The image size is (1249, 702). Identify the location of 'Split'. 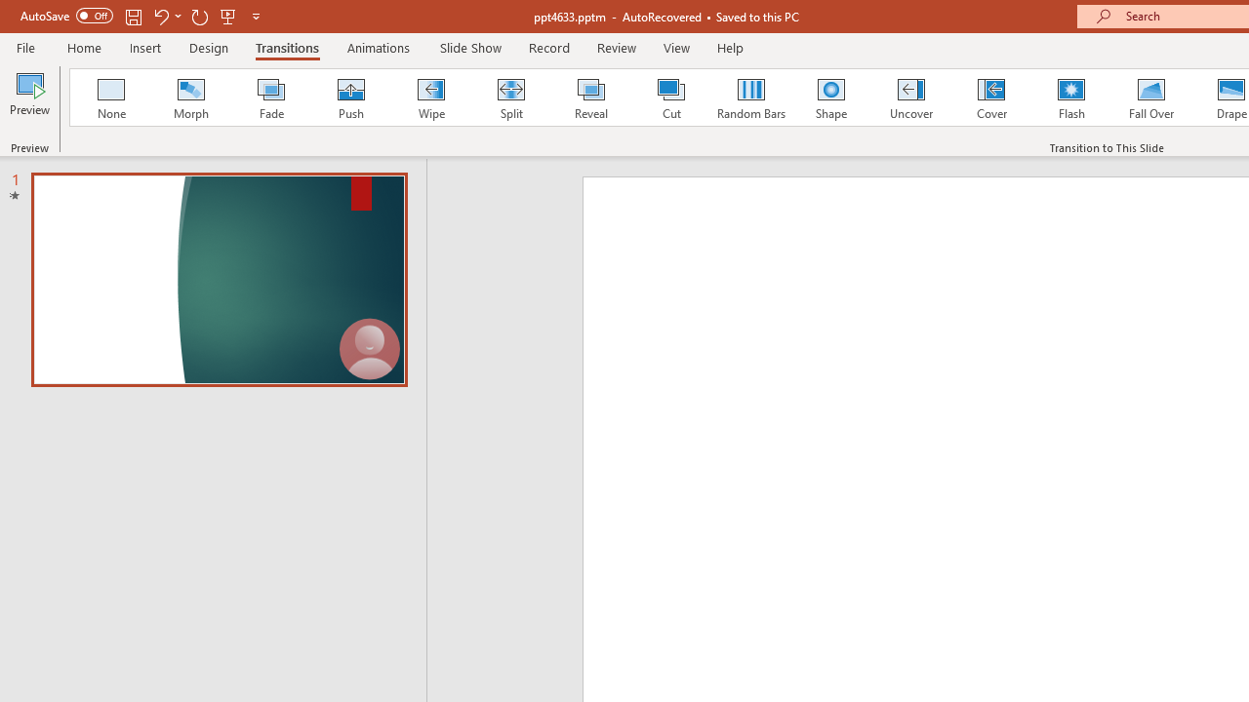
(510, 97).